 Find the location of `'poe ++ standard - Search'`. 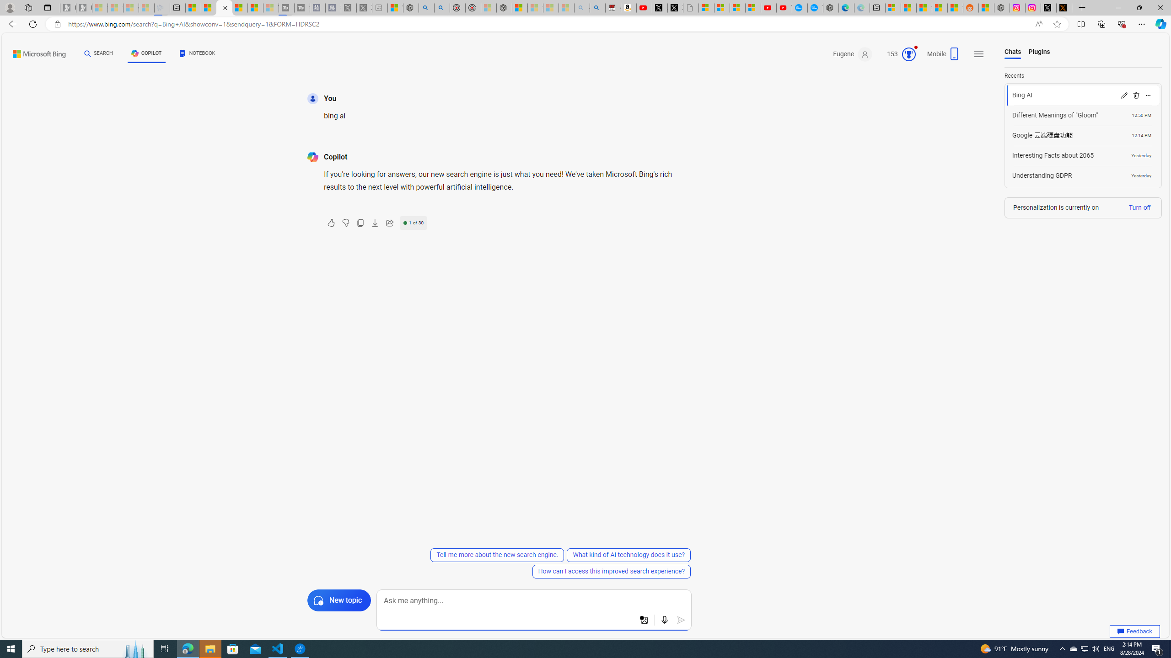

'poe ++ standard - Search' is located at coordinates (442, 7).